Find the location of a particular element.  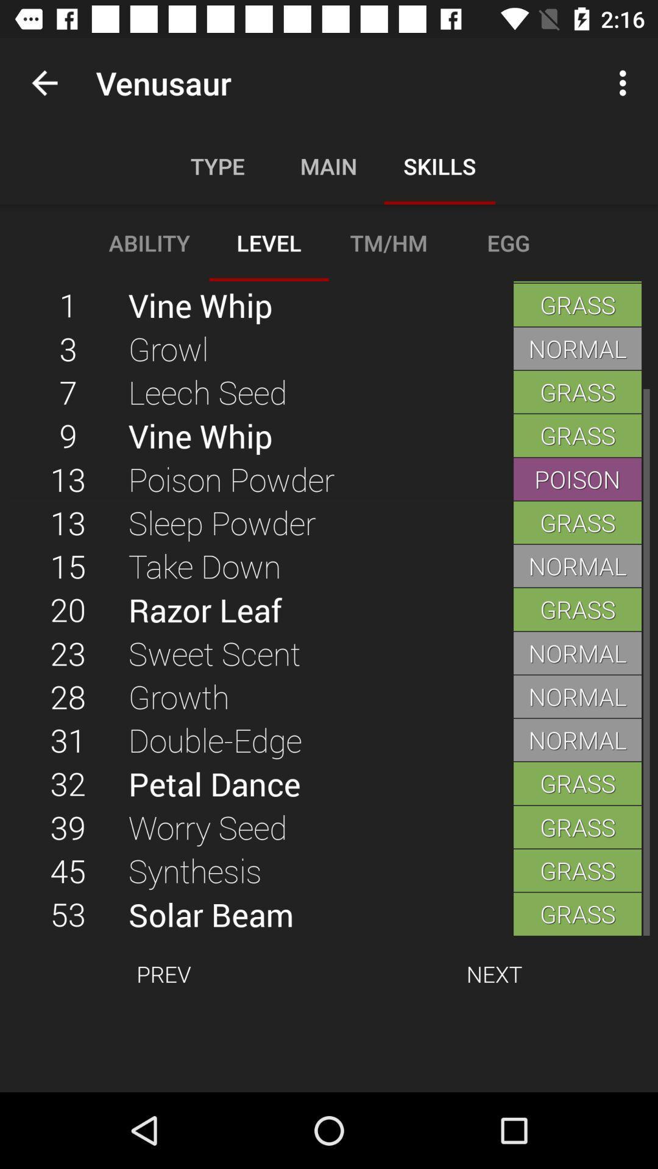

the item next to the normal icon is located at coordinates (320, 609).